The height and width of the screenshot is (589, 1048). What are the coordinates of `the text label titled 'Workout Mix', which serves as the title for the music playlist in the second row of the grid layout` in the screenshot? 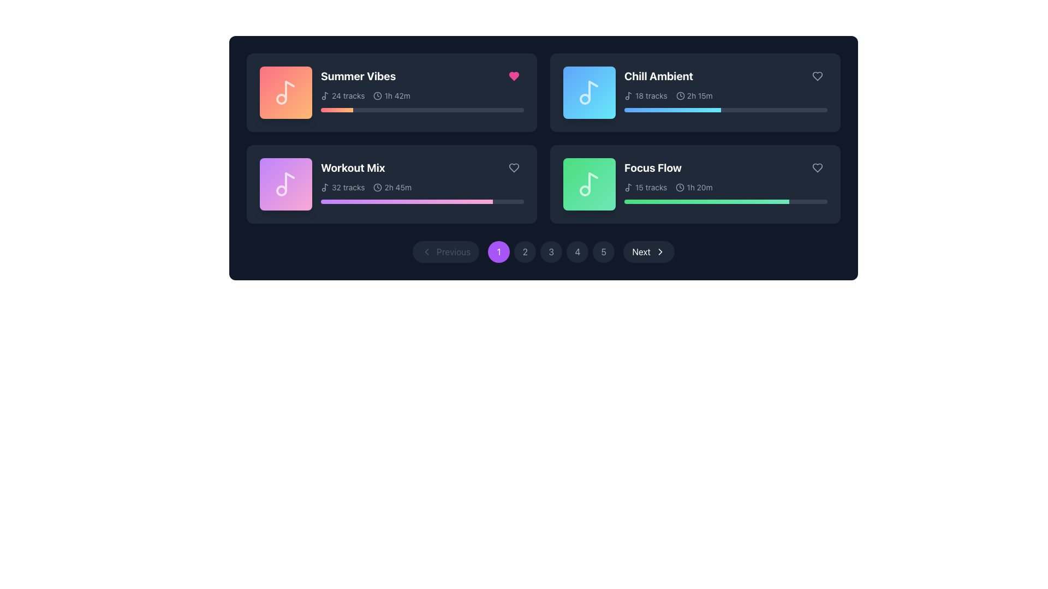 It's located at (353, 168).